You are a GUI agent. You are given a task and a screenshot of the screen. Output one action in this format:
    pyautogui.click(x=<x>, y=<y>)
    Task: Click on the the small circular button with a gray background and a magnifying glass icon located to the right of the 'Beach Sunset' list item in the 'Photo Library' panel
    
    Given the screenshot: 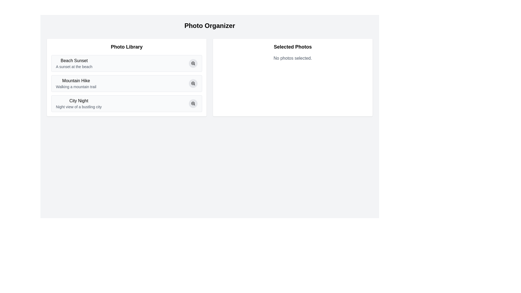 What is the action you would take?
    pyautogui.click(x=193, y=63)
    